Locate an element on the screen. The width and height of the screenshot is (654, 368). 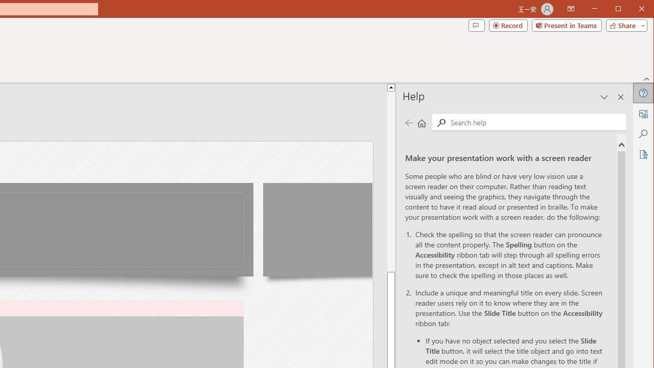
'Previous page' is located at coordinates (409, 122).